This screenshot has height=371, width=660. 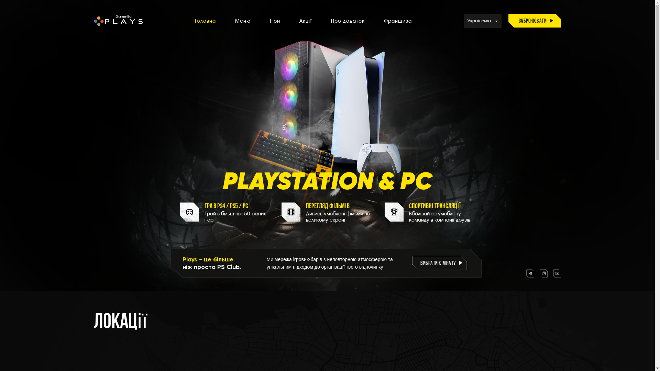 What do you see at coordinates (539, 273) in the screenshot?
I see `'Instagram'` at bounding box center [539, 273].